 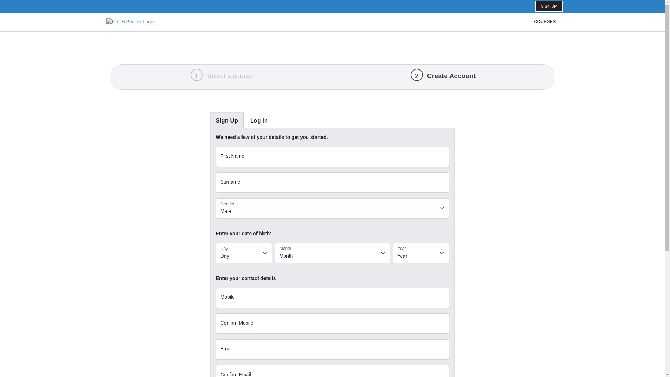 What do you see at coordinates (530, 21) in the screenshot?
I see `'COURSES'` at bounding box center [530, 21].